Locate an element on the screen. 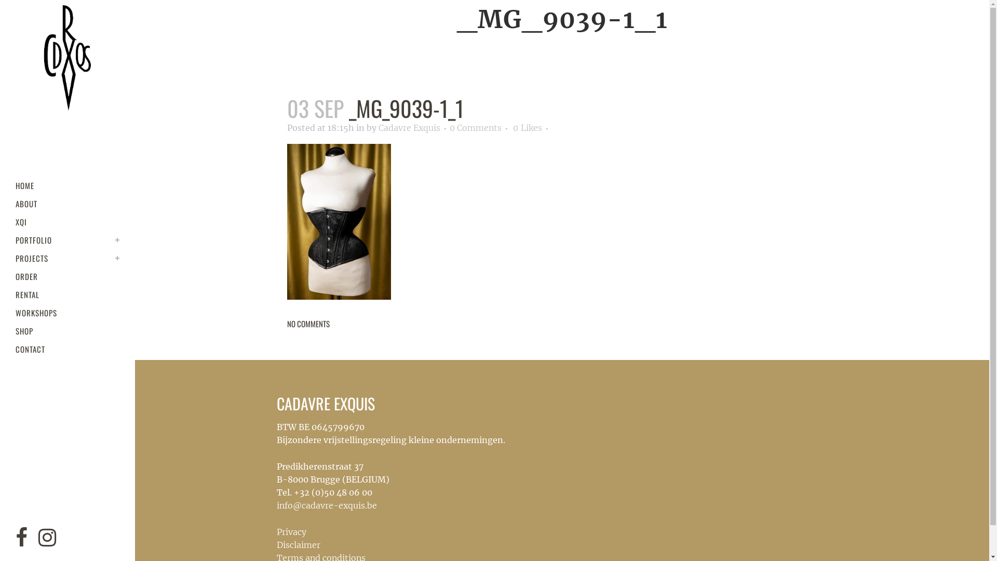 This screenshot has width=997, height=561. 'HOME' is located at coordinates (66, 185).